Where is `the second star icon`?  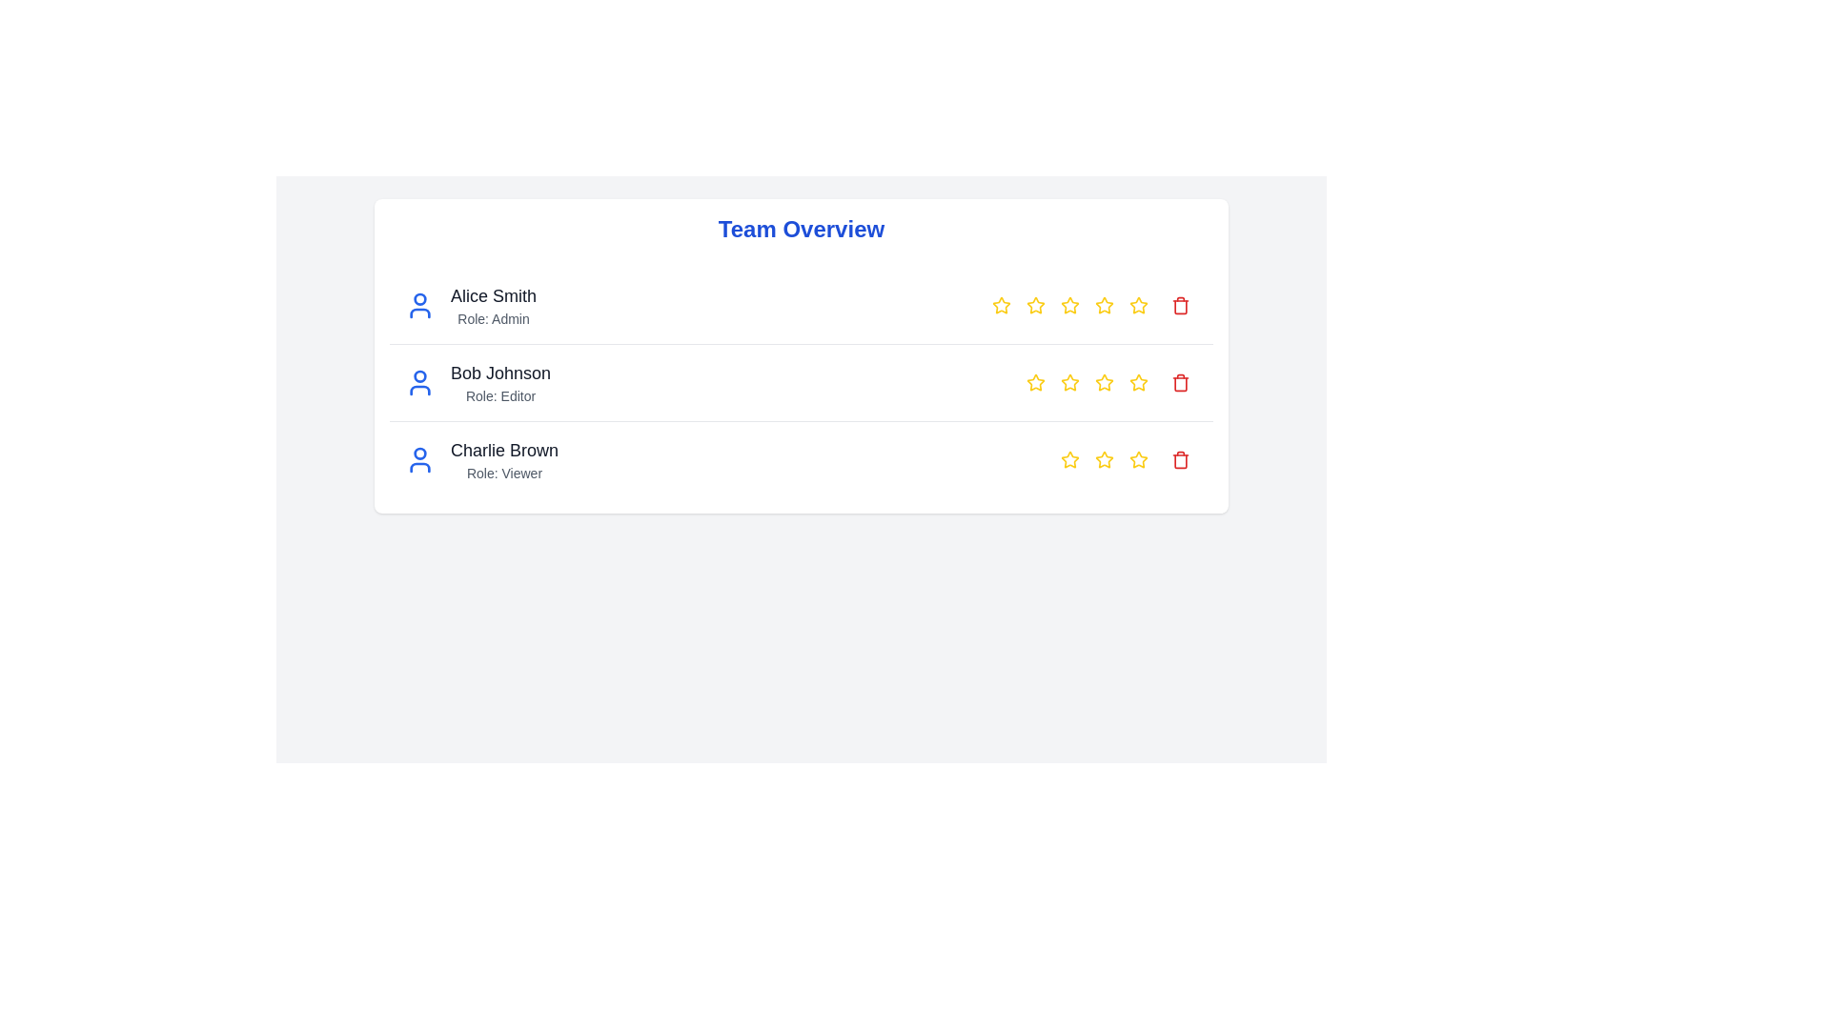
the second star icon is located at coordinates (1034, 304).